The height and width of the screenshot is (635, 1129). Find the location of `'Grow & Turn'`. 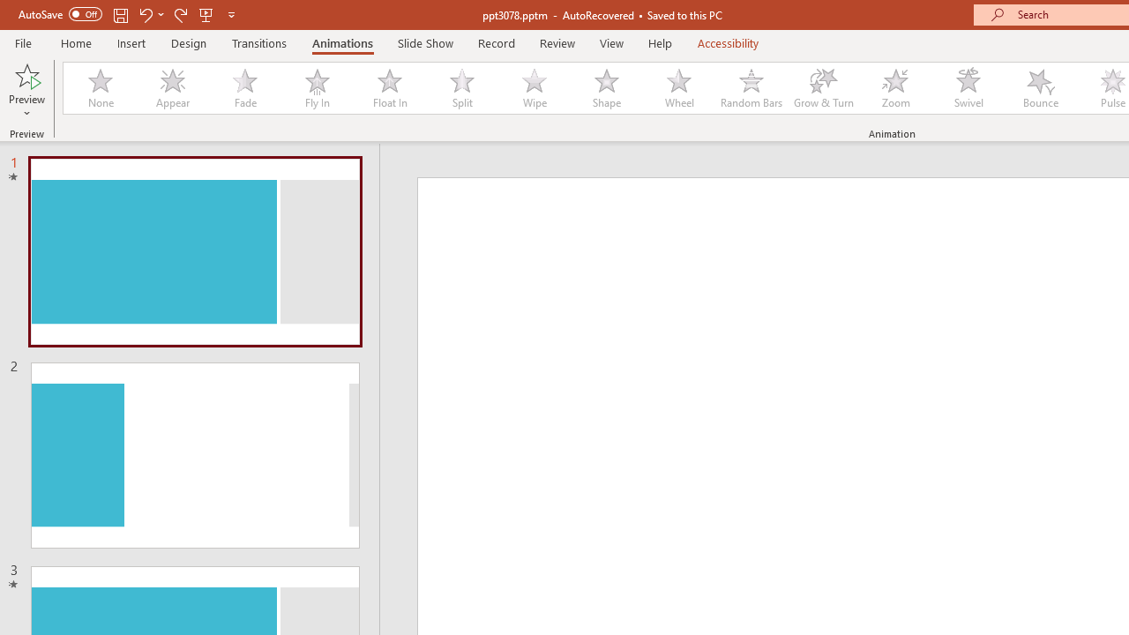

'Grow & Turn' is located at coordinates (823, 88).